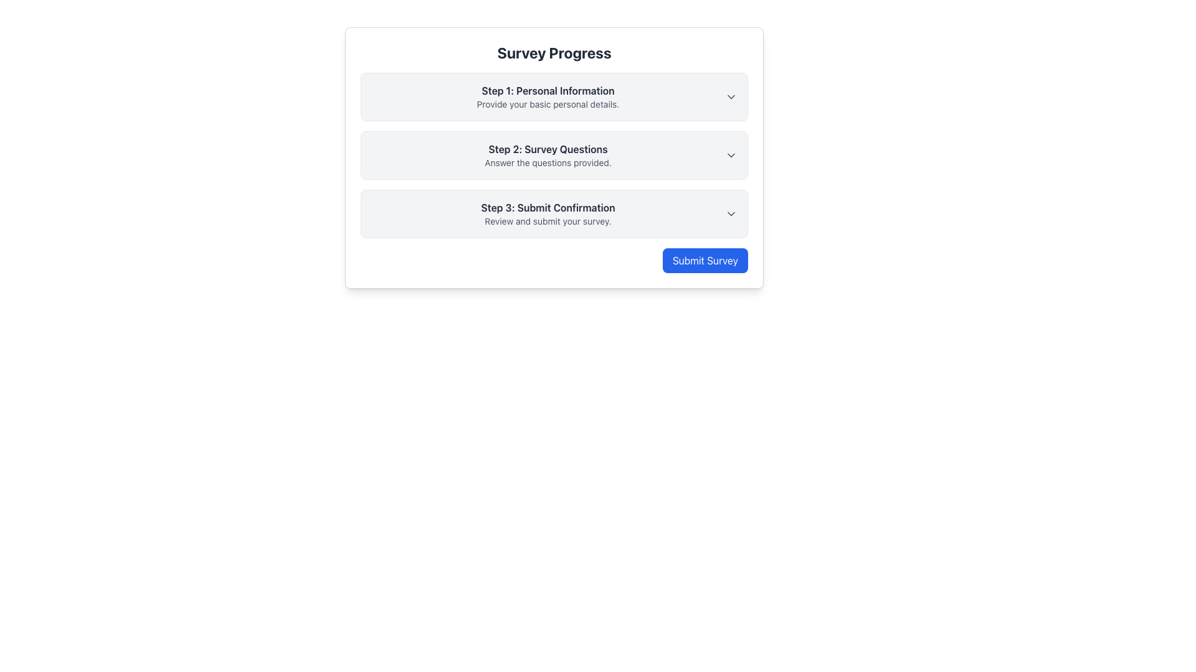 The height and width of the screenshot is (672, 1196). I want to click on the Collapsible section header titled 'Step 2: Survey Questions', so click(553, 155).